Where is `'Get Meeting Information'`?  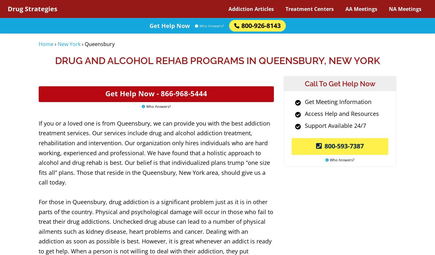
'Get Meeting Information' is located at coordinates (338, 101).